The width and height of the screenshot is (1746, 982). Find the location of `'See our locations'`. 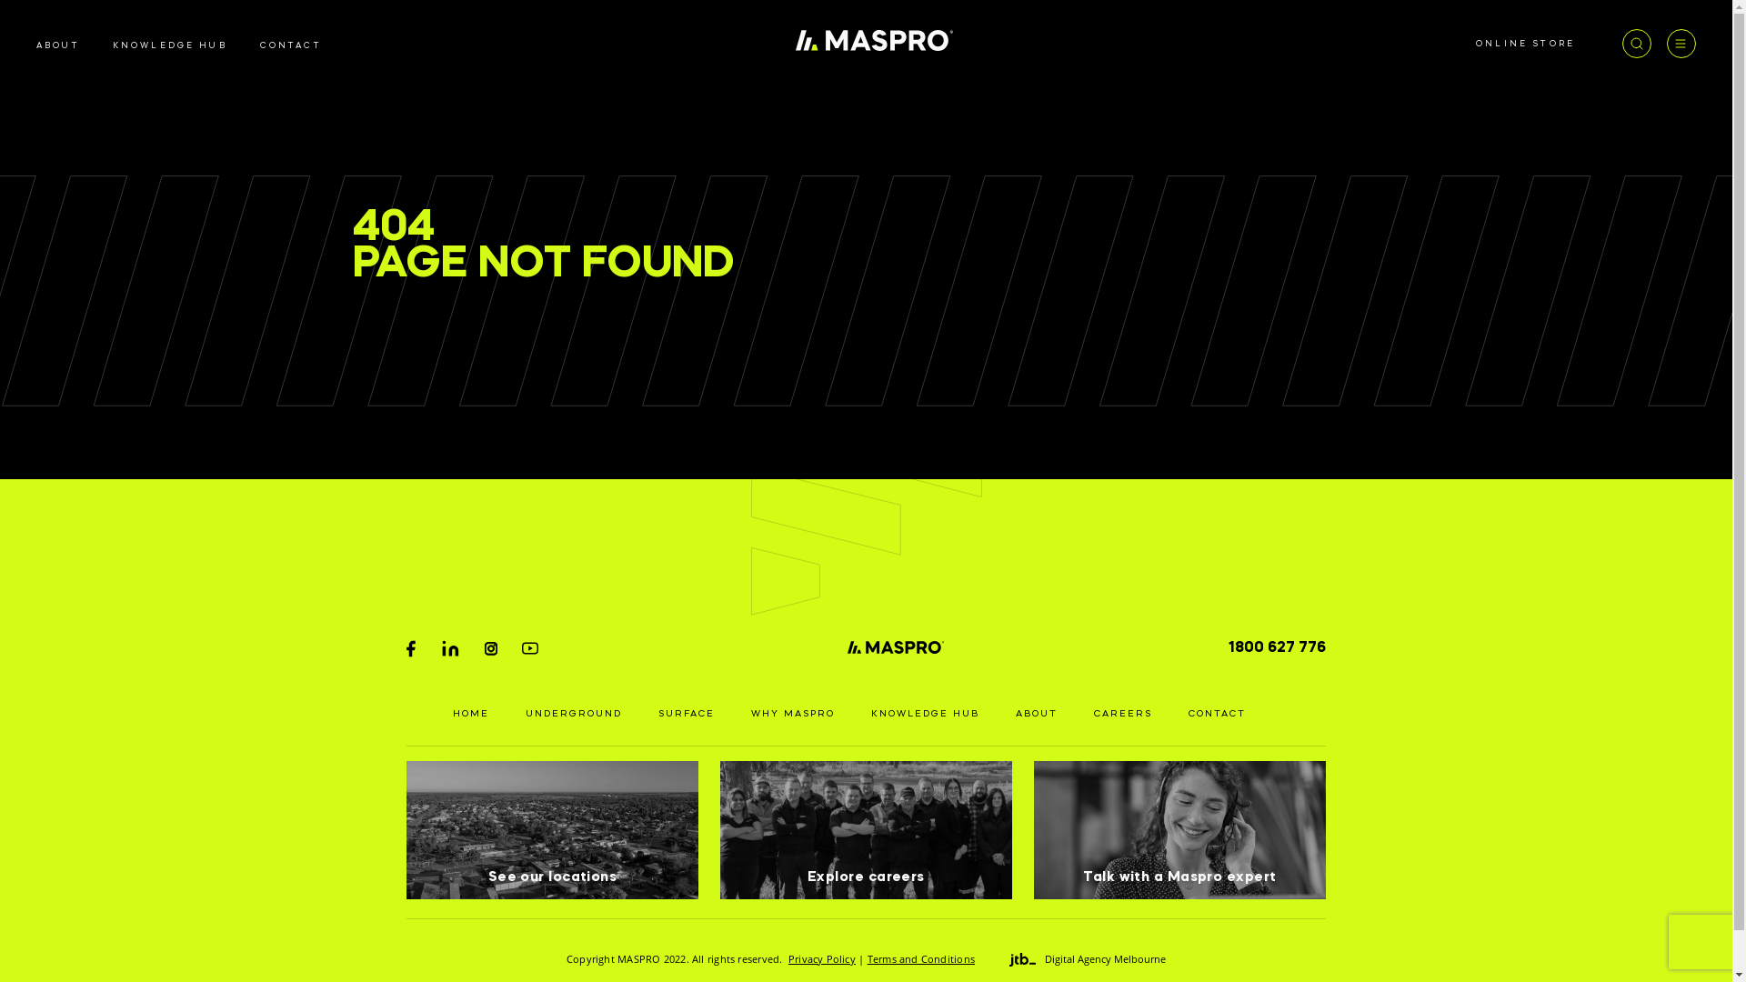

'See our locations' is located at coordinates (551, 830).